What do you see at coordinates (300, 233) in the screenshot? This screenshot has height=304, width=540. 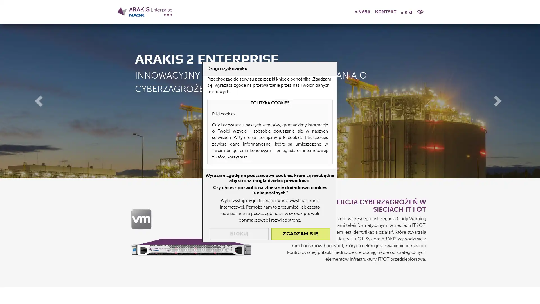 I see `ZGADZAM SIE` at bounding box center [300, 233].